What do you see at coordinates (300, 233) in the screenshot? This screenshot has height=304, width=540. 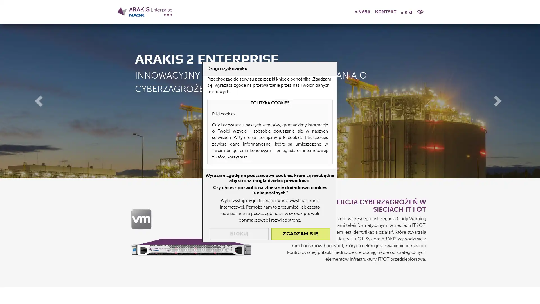 I see `ZGADZAM SIE` at bounding box center [300, 233].